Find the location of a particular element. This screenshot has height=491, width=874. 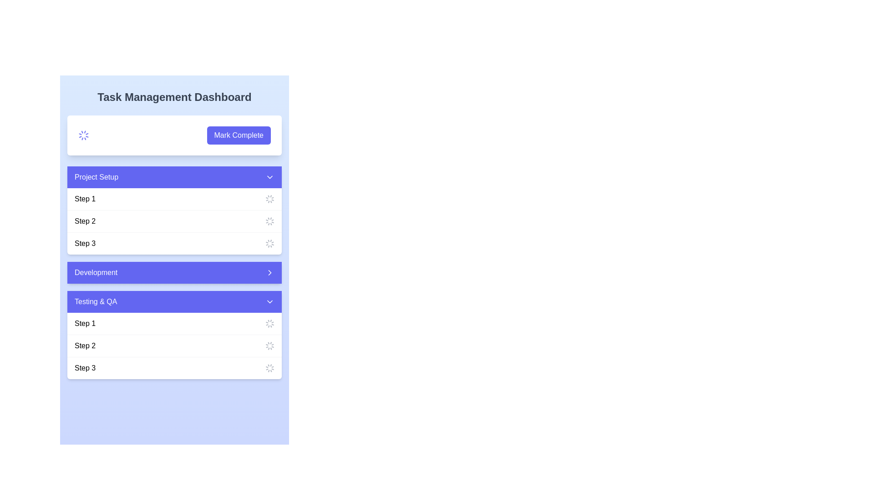

the small animated spinning icon styled in gray, located to the far-right of the 'Step 3' label in the task management dashboard's step list is located at coordinates (269, 243).